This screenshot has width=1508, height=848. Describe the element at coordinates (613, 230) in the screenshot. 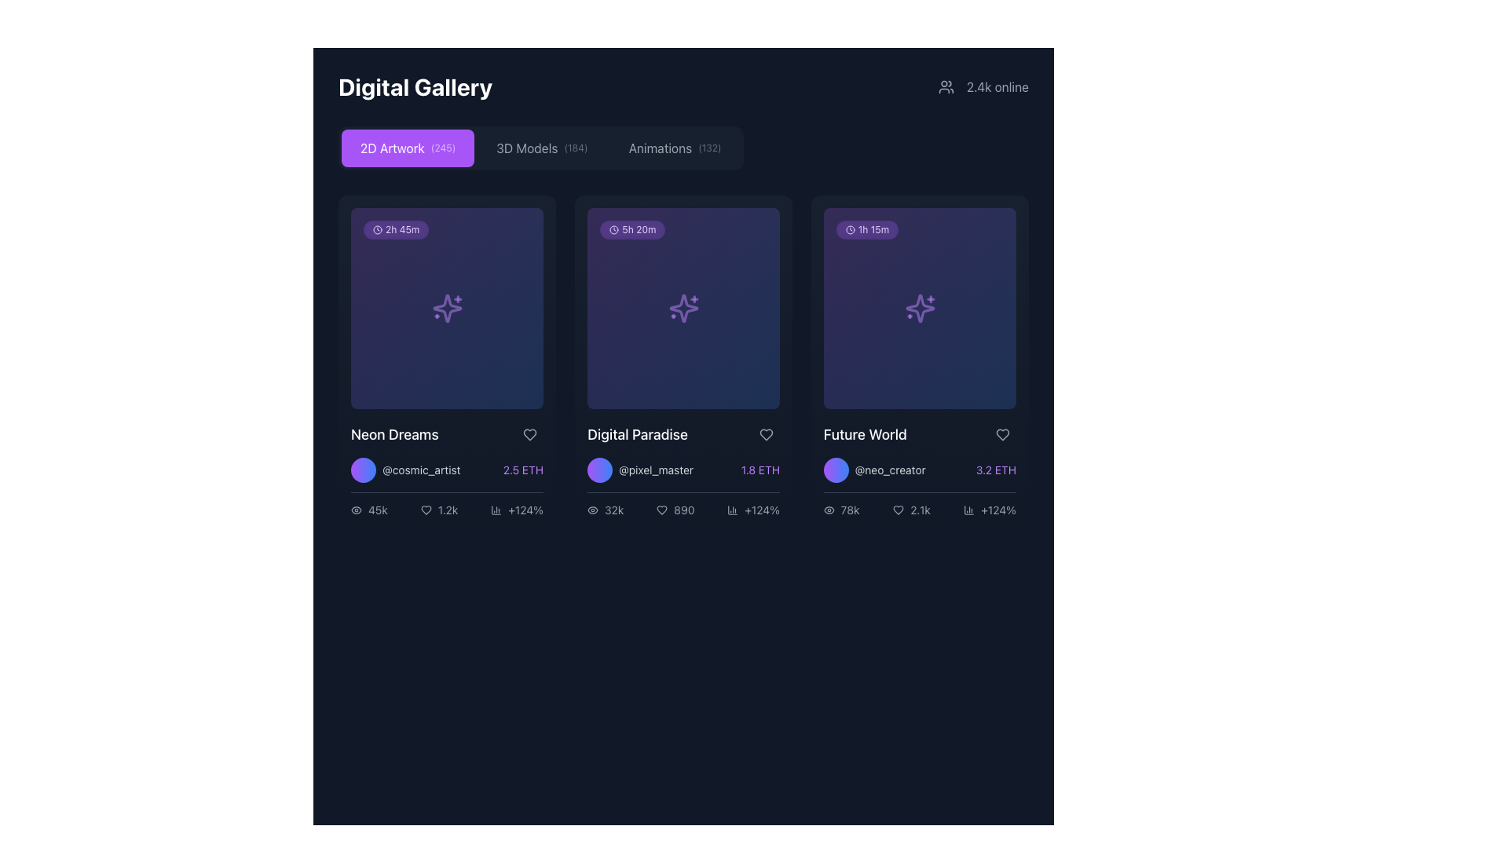

I see `the graphical circular shape within the clock icon located in the top-left section of the 'Digital Paradise' card` at that location.